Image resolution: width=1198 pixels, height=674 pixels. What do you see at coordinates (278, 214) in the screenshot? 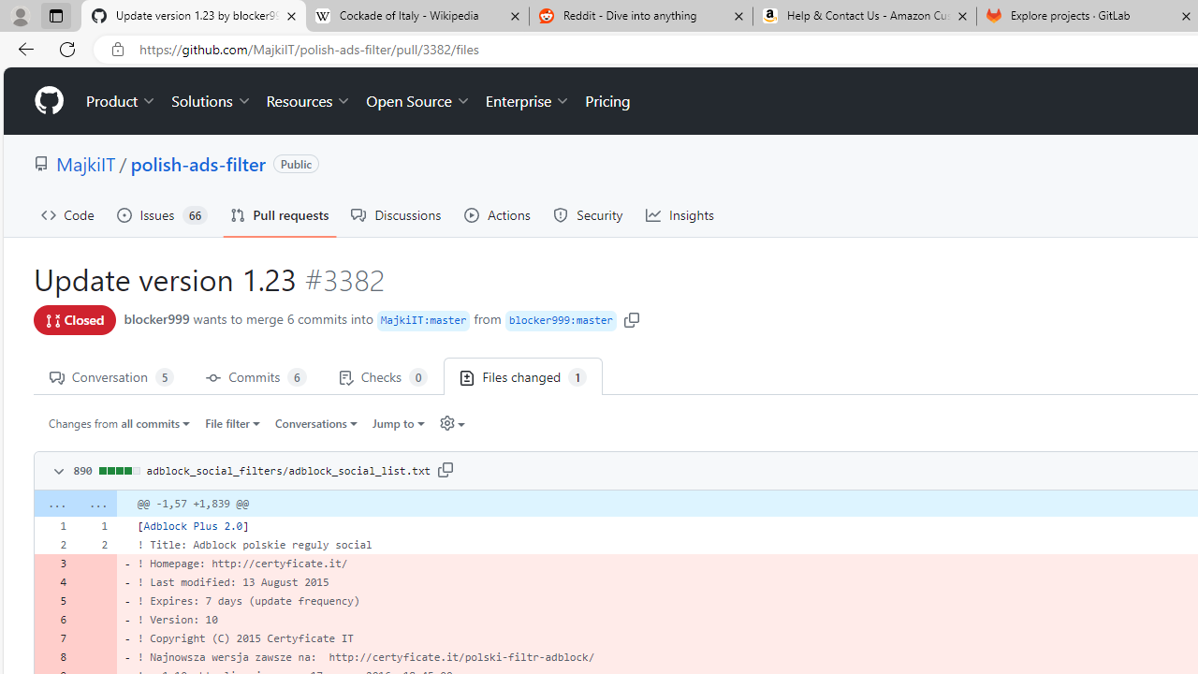
I see `'Pull requests'` at bounding box center [278, 214].